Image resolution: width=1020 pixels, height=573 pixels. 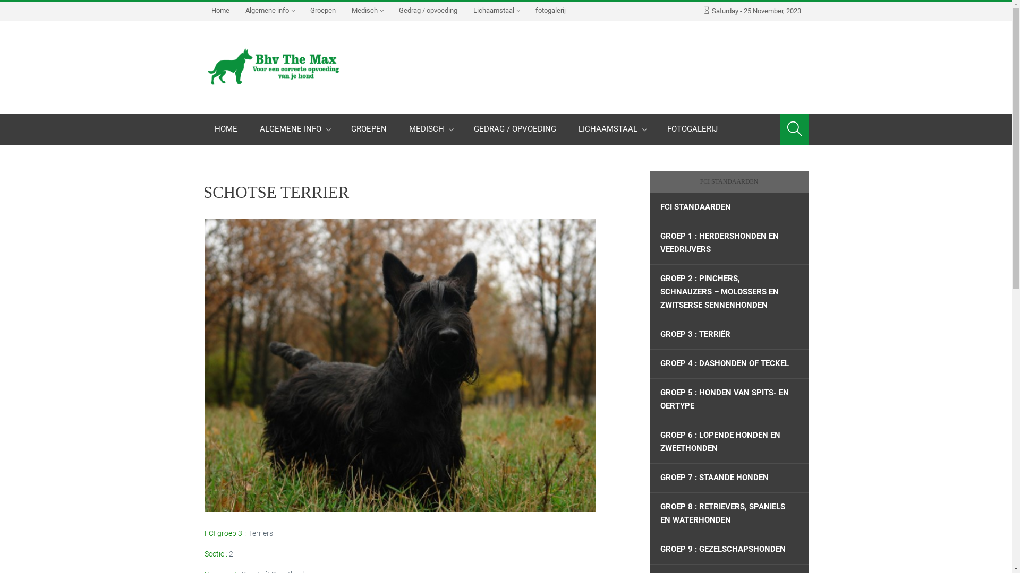 What do you see at coordinates (219, 11) in the screenshot?
I see `'Home'` at bounding box center [219, 11].